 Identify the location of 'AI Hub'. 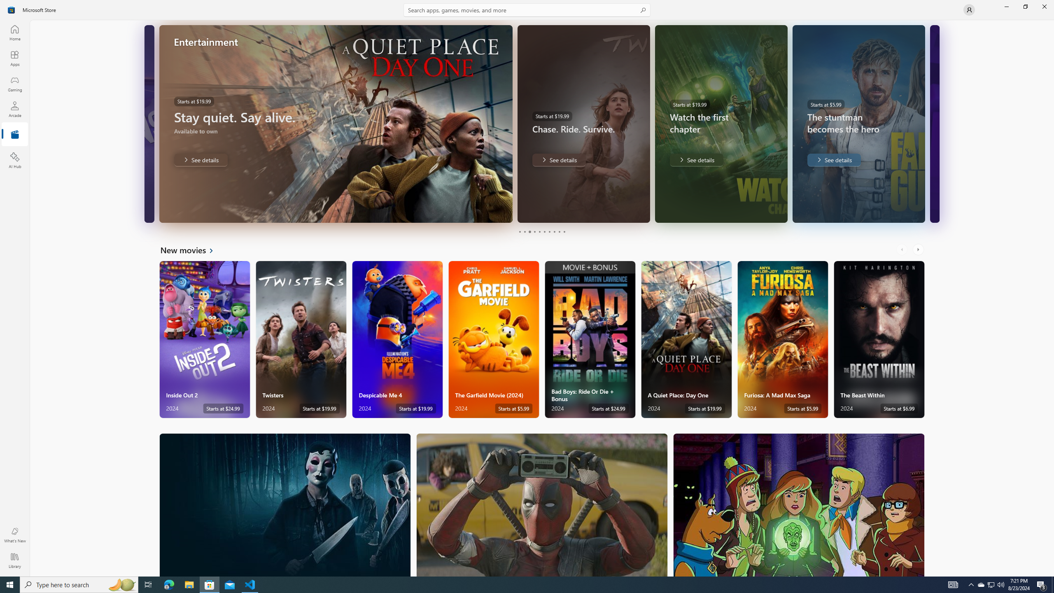
(14, 160).